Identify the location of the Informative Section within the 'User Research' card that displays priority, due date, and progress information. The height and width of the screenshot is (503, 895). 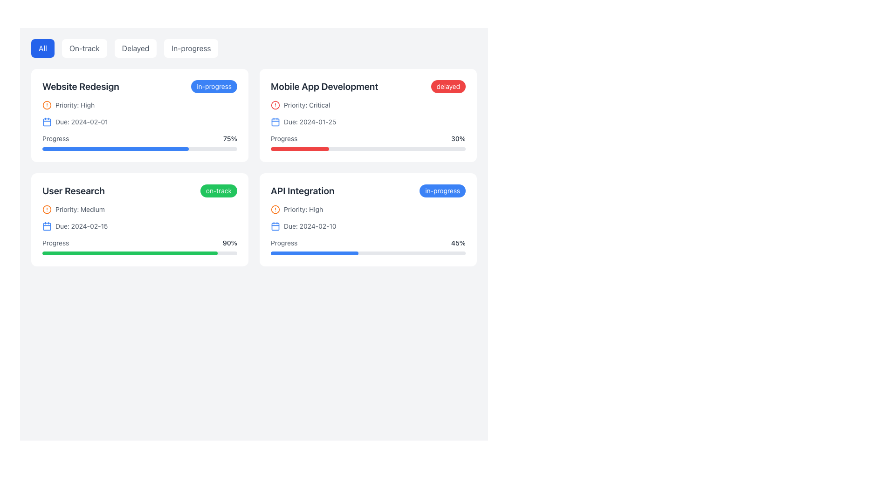
(139, 230).